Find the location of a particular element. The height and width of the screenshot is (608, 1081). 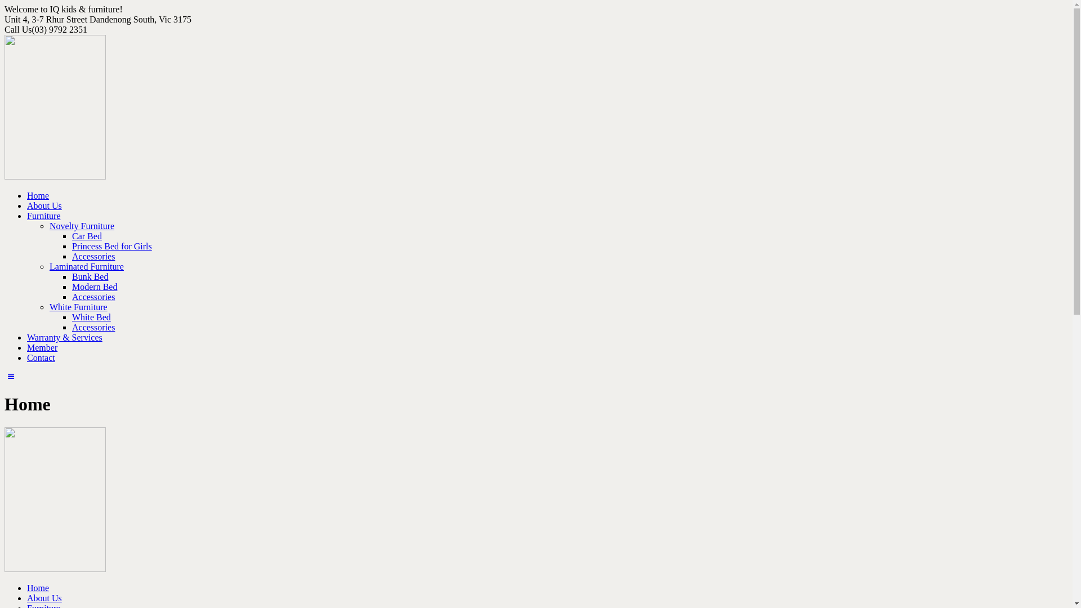

'Accessories' is located at coordinates (93, 327).